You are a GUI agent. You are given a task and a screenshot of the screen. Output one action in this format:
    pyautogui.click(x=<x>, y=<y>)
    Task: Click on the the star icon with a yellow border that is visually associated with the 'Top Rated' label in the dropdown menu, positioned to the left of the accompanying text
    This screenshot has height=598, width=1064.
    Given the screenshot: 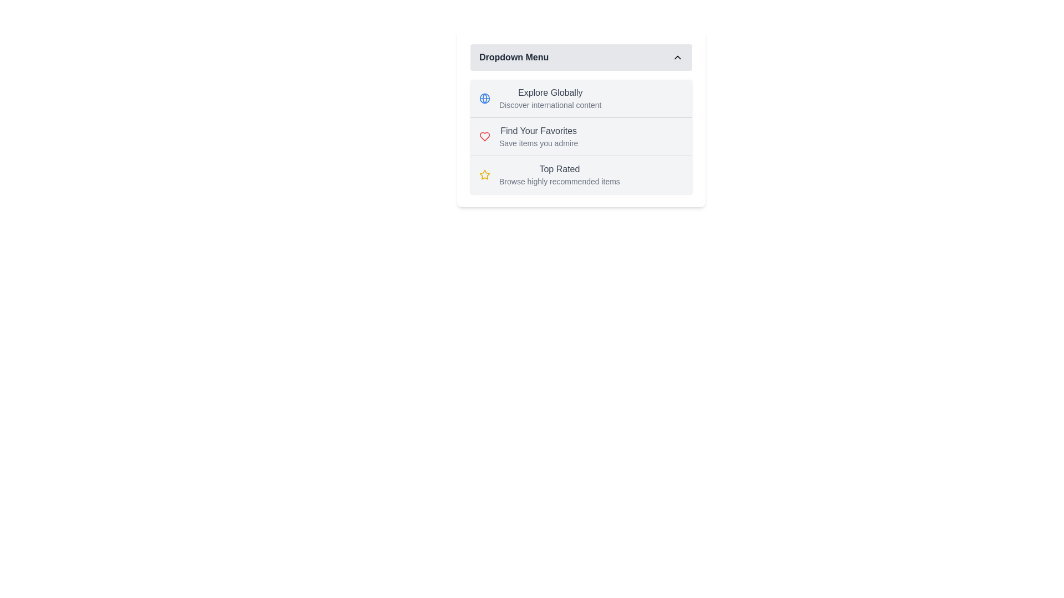 What is the action you would take?
    pyautogui.click(x=484, y=174)
    